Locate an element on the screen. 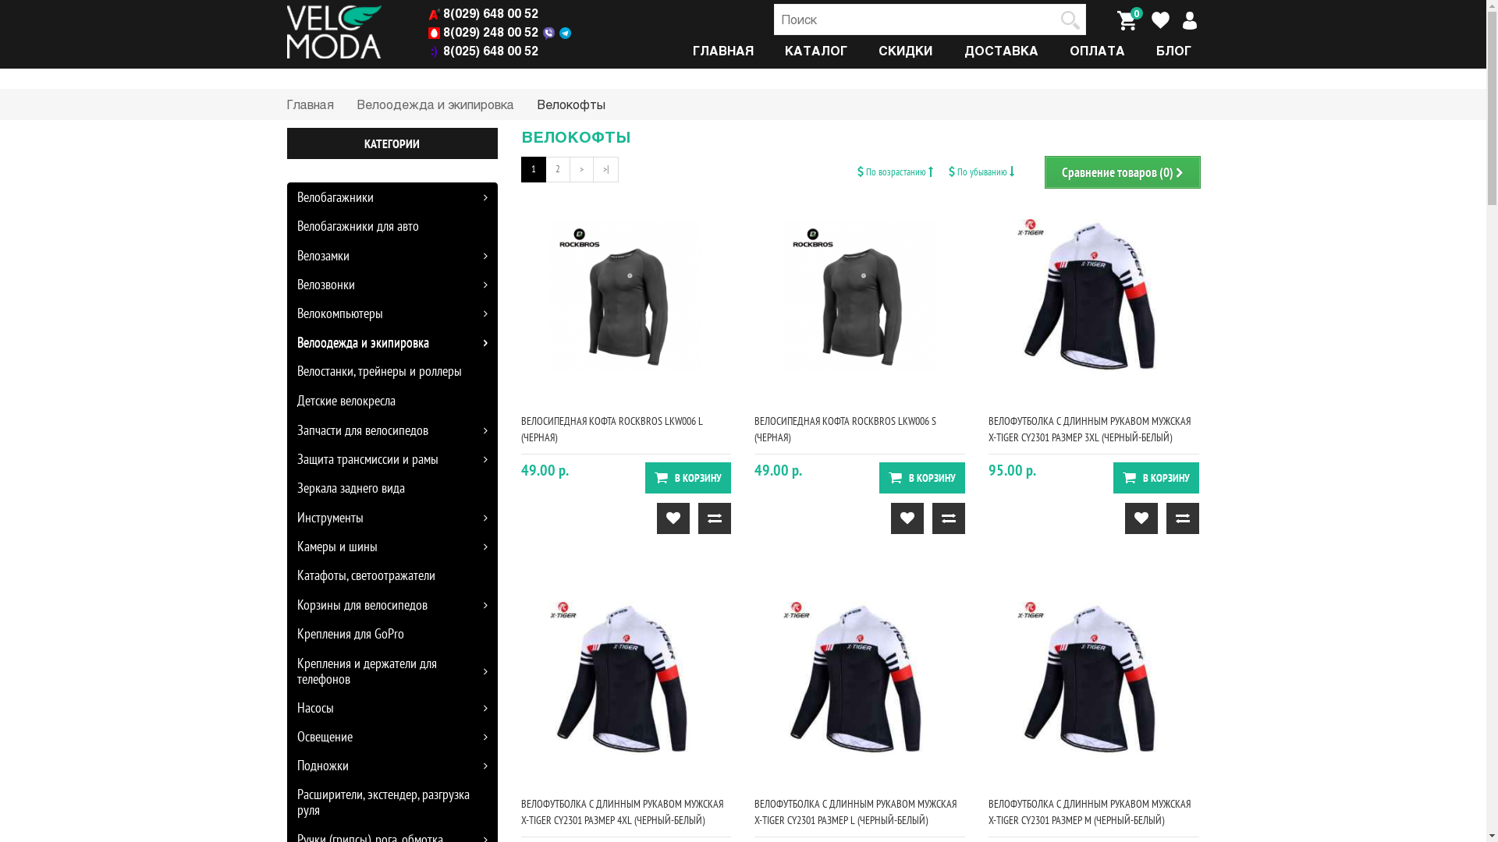  '0' is located at coordinates (1126, 19).